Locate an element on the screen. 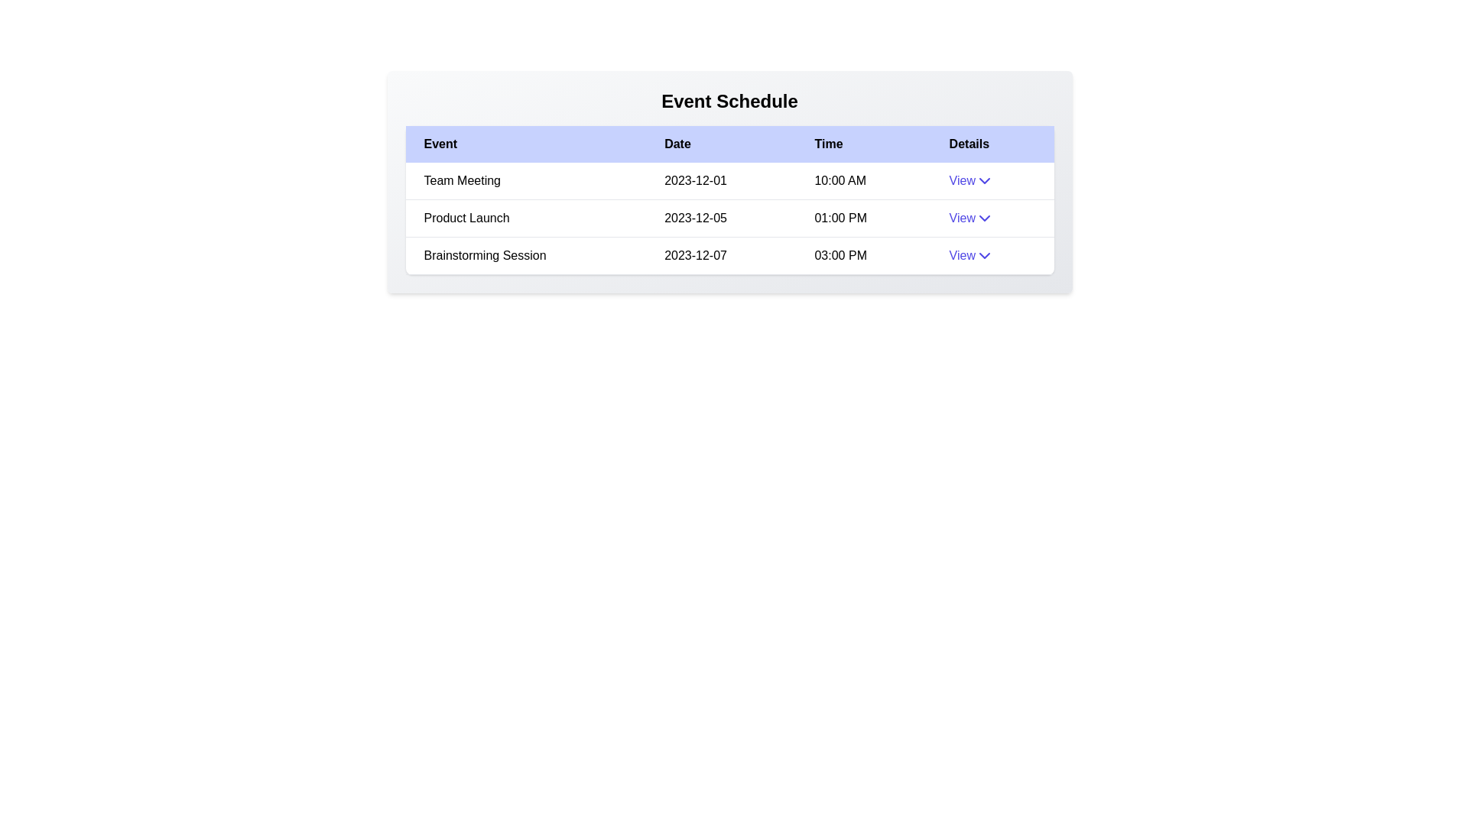 Image resolution: width=1468 pixels, height=825 pixels. the 'View' button to expand or collapse the details for the event Team Meeting is located at coordinates (970, 180).